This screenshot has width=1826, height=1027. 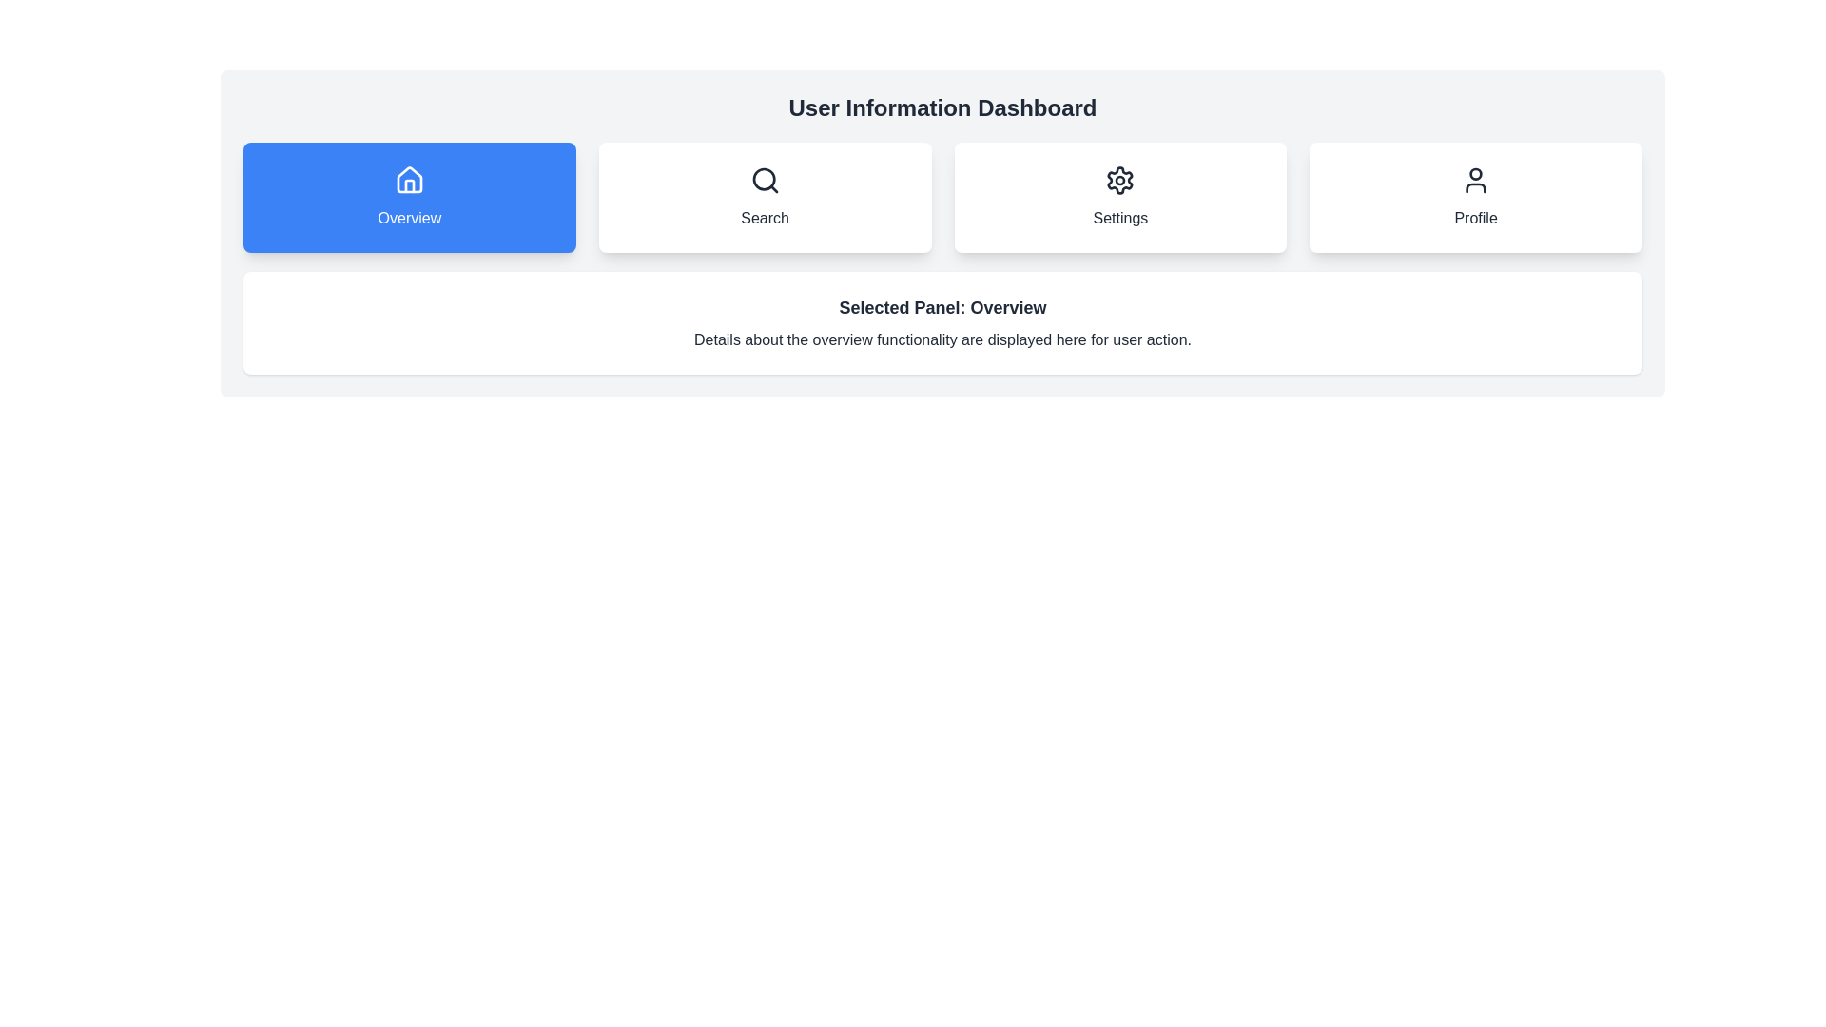 What do you see at coordinates (408, 198) in the screenshot?
I see `the first button in the row of four buttons below the title 'User Information Dashboard'` at bounding box center [408, 198].